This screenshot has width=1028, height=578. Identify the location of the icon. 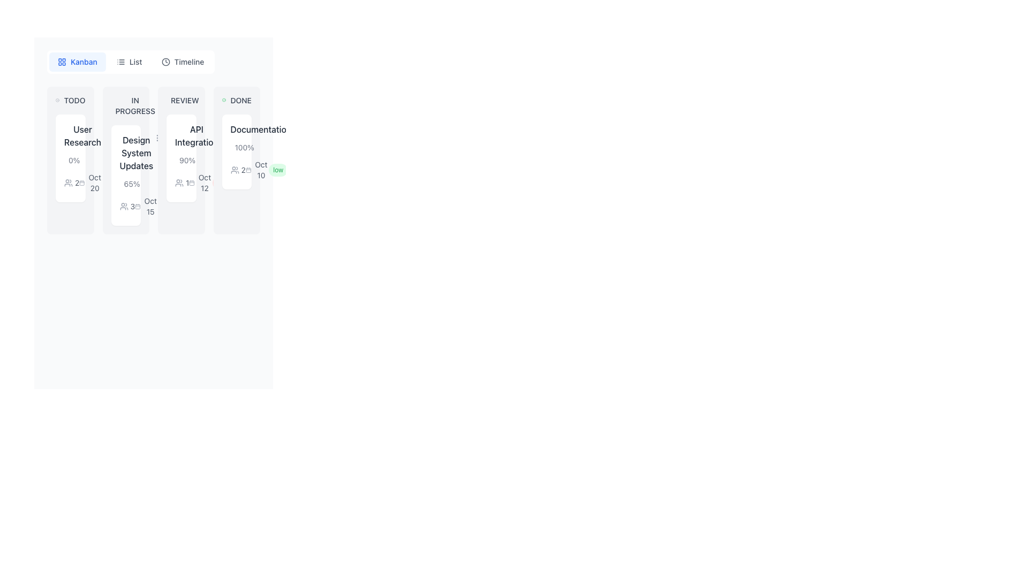
(137, 206).